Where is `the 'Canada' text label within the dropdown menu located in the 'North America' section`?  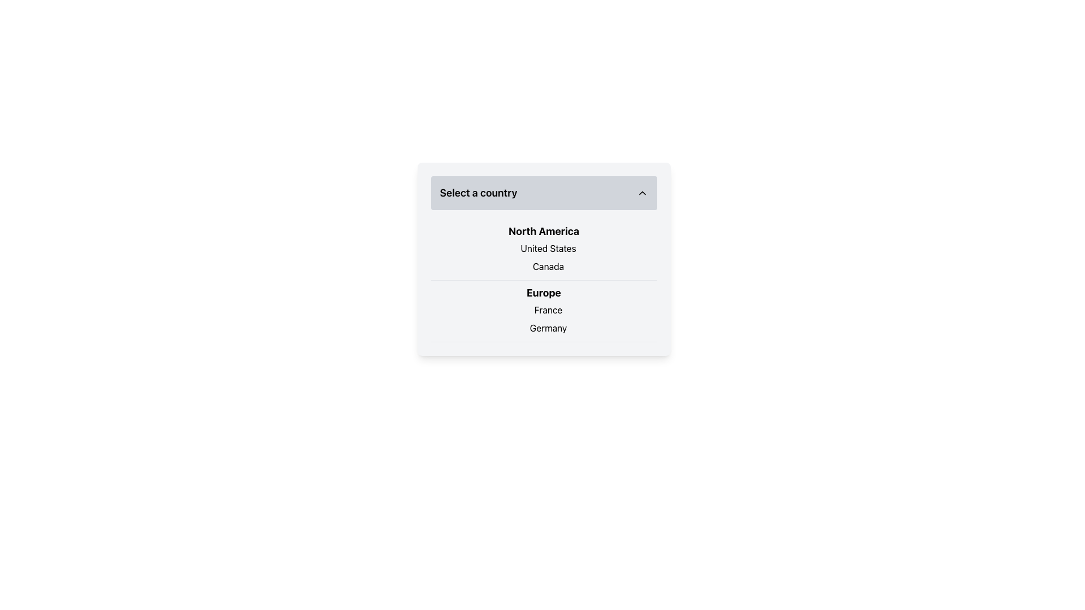
the 'Canada' text label within the dropdown menu located in the 'North America' section is located at coordinates (544, 266).